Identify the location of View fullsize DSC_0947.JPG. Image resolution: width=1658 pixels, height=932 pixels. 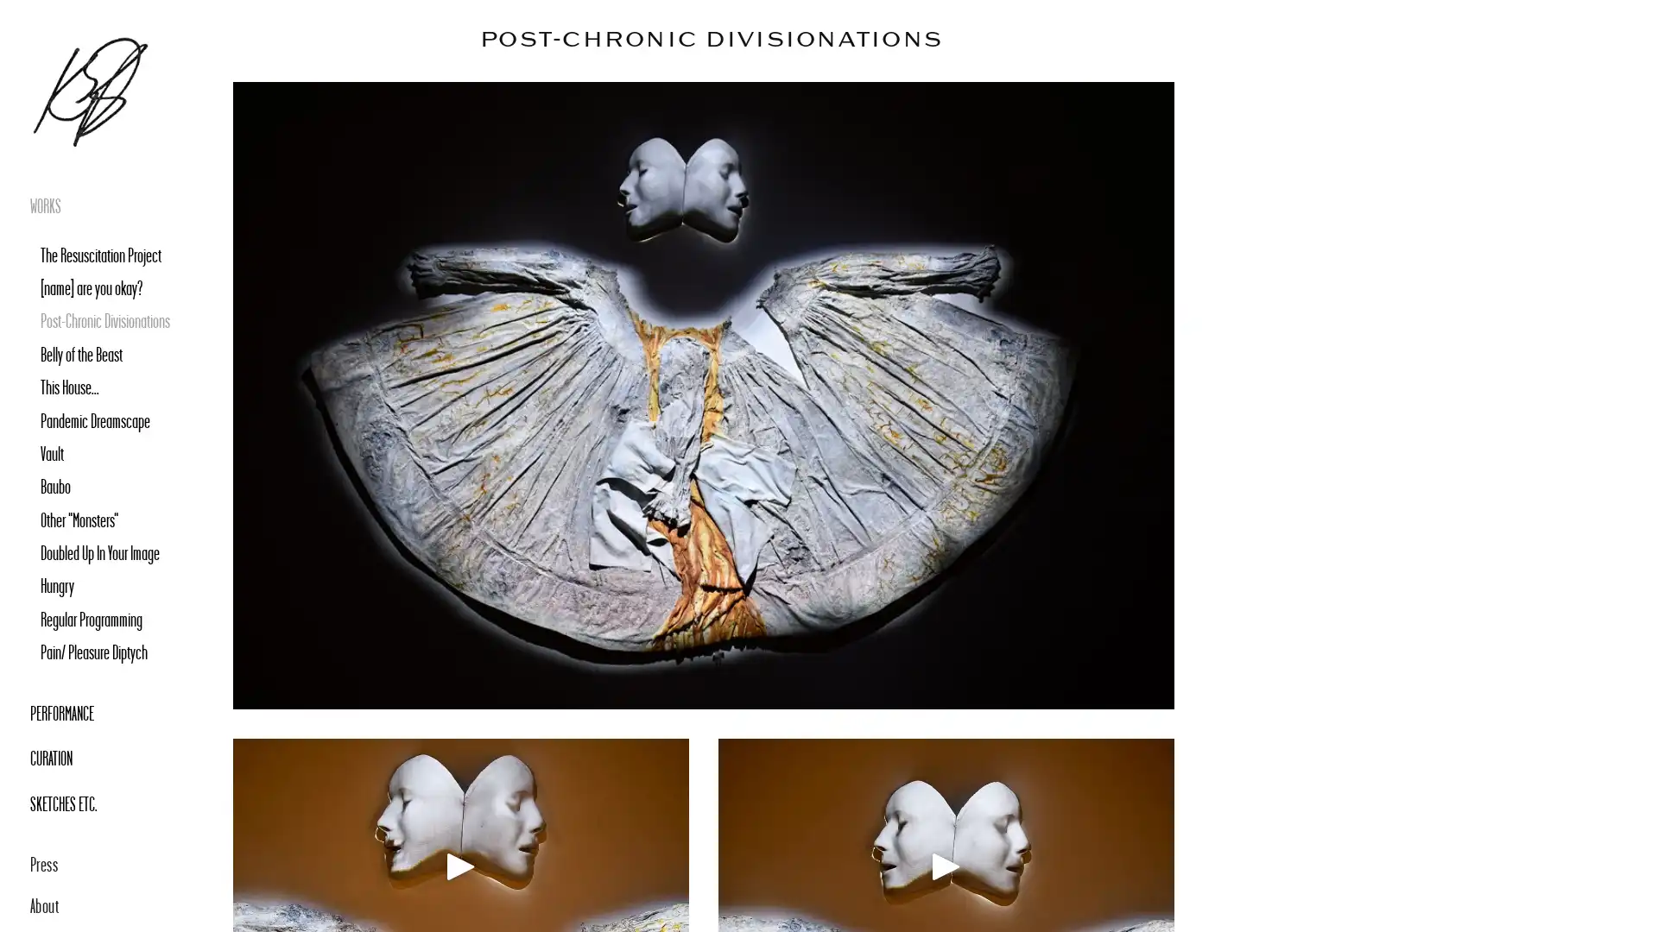
(704, 395).